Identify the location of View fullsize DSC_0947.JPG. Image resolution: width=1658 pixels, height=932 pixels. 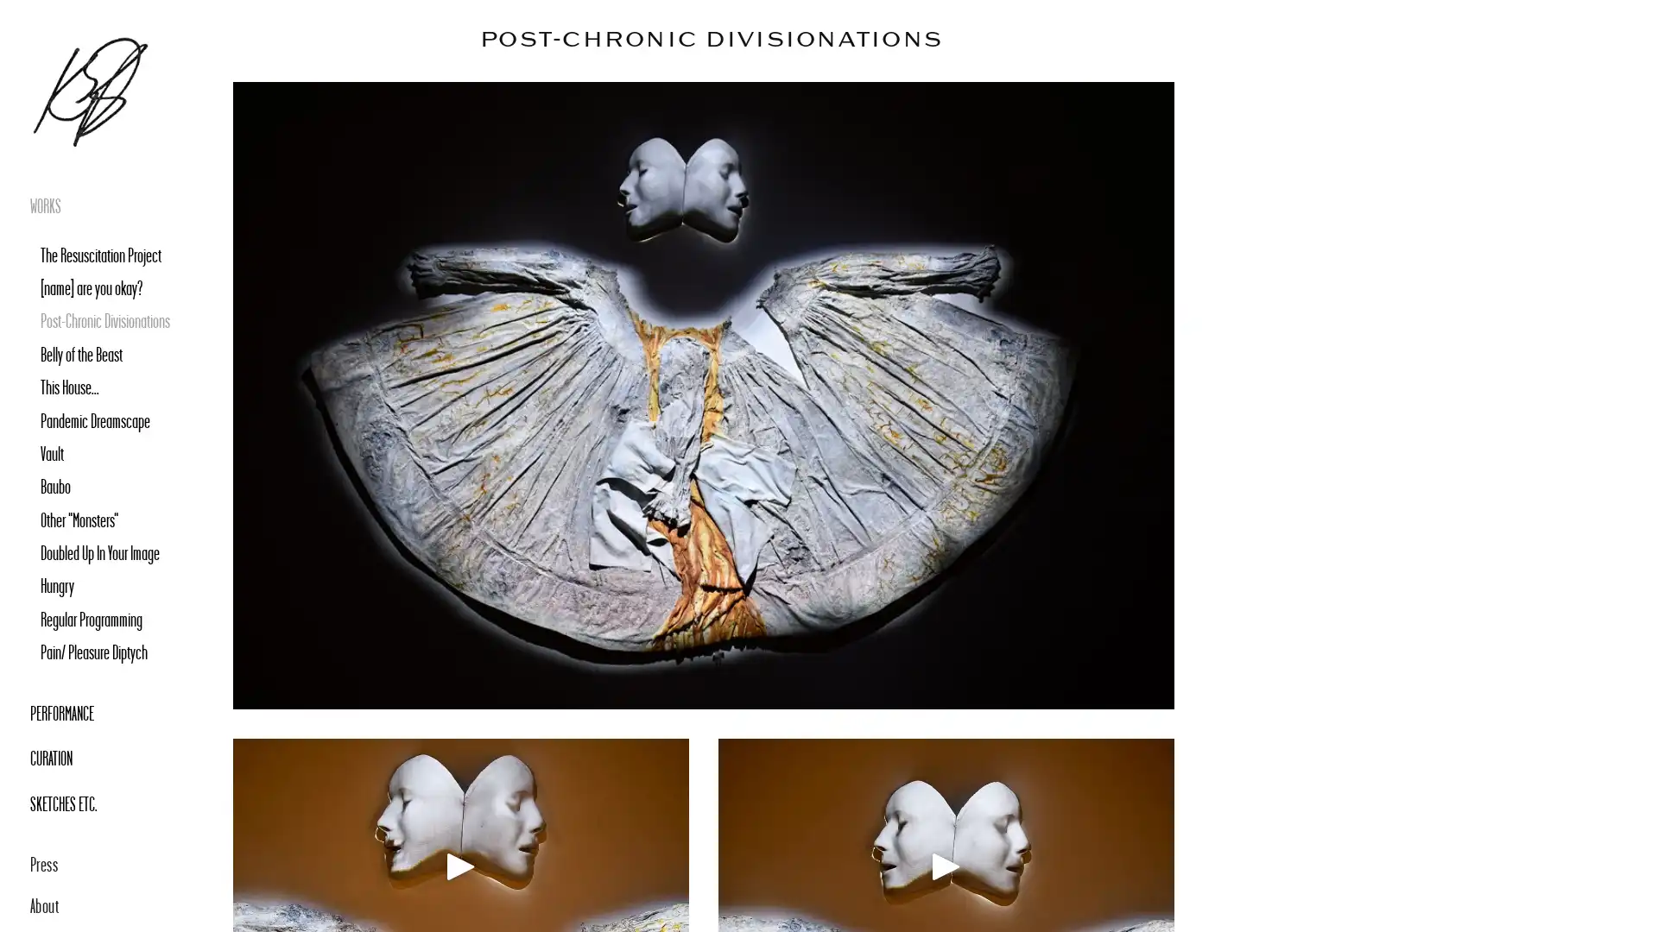
(704, 395).